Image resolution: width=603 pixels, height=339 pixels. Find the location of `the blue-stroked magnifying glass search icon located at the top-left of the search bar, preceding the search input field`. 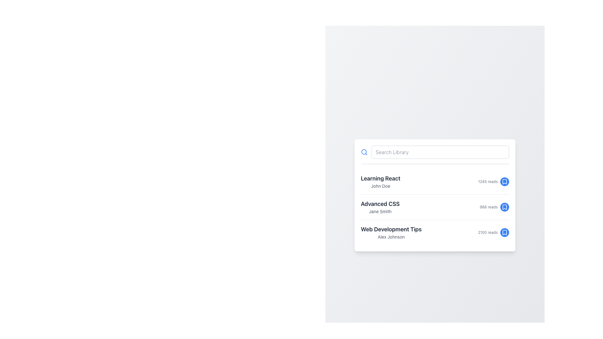

the blue-stroked magnifying glass search icon located at the top-left of the search bar, preceding the search input field is located at coordinates (364, 152).